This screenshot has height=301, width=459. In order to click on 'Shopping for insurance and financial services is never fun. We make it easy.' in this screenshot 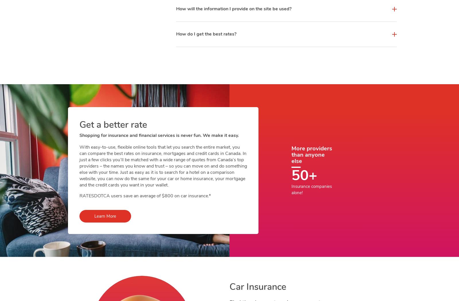, I will do `click(159, 135)`.